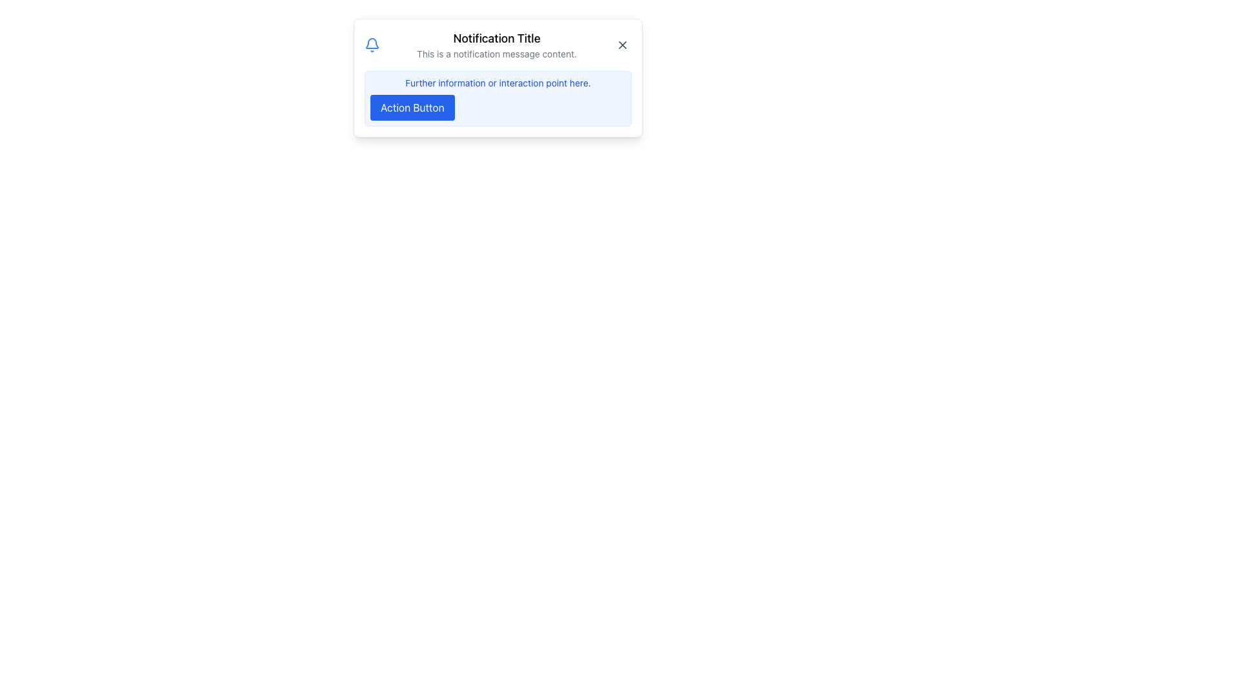  I want to click on the text component displaying 'Further information or interaction point here.' which is styled in blue and located near the top-center of the interface, so click(498, 83).